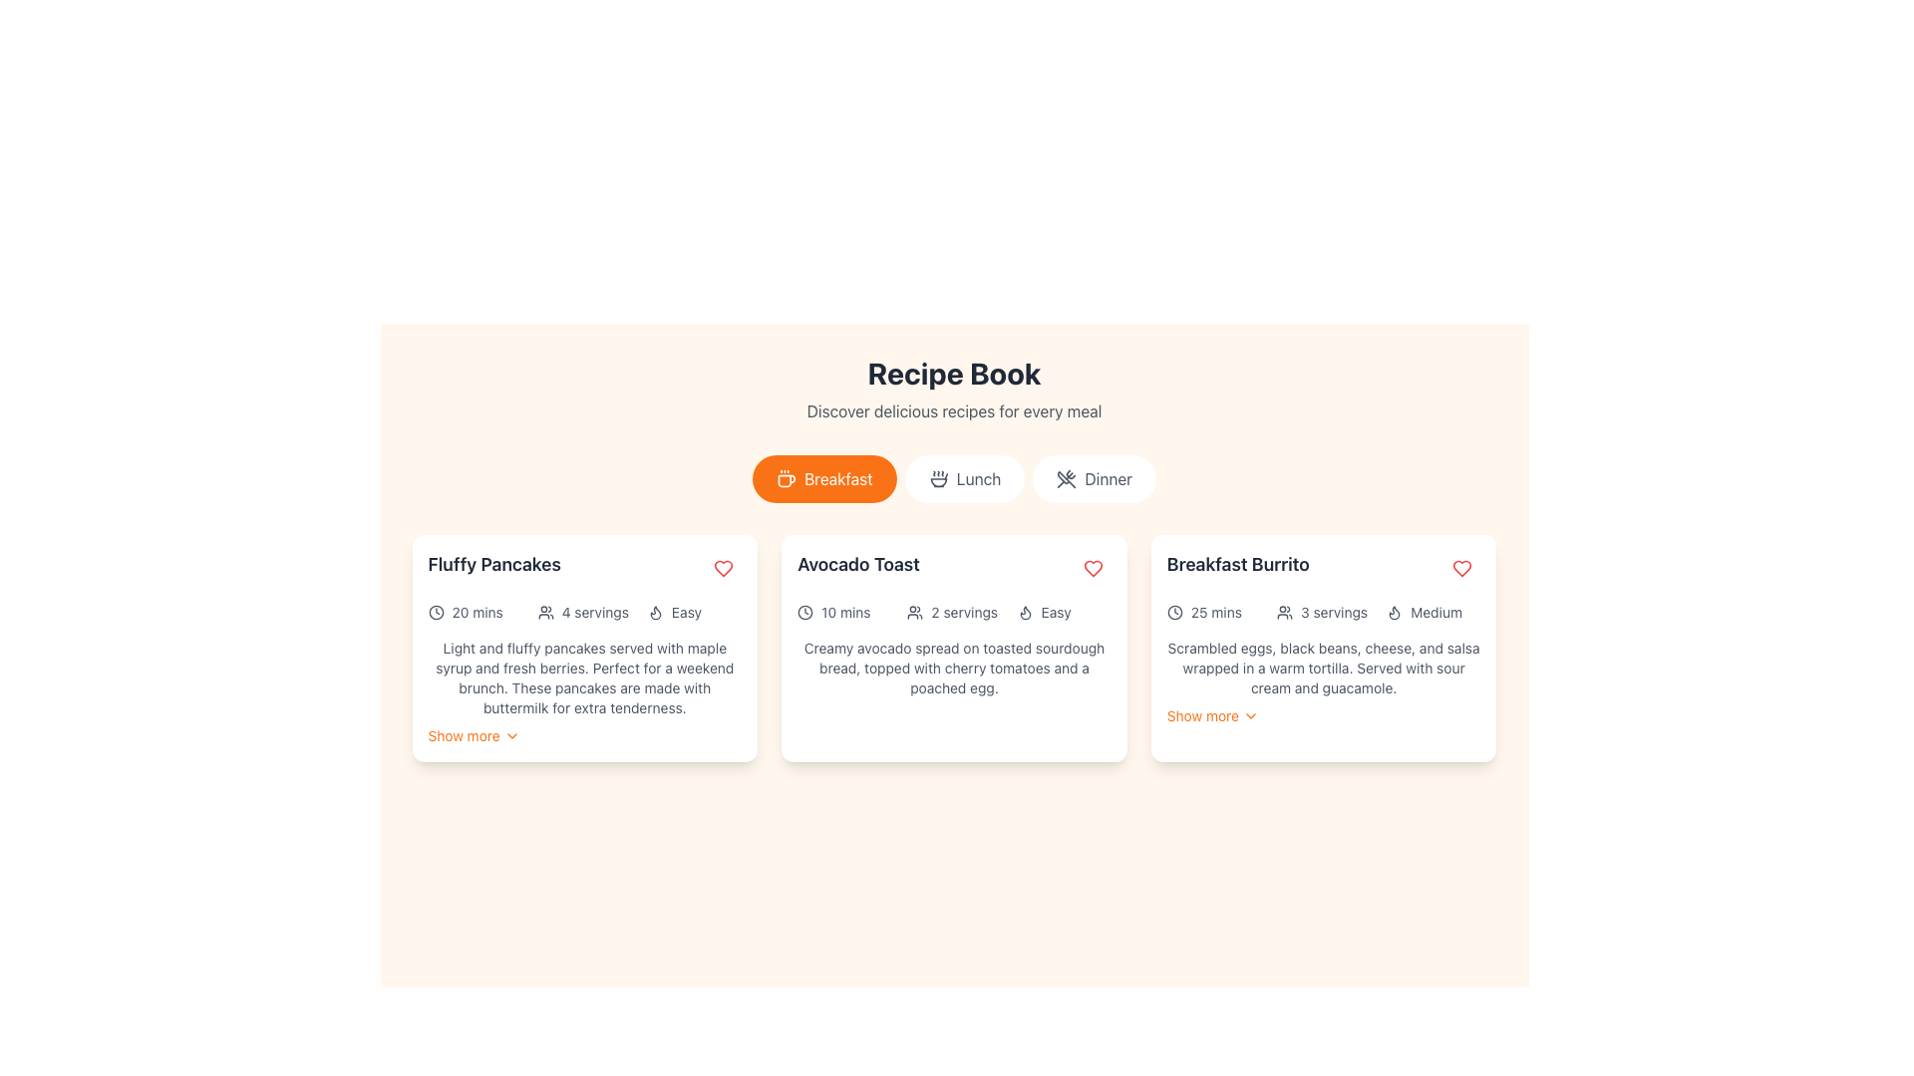 The height and width of the screenshot is (1076, 1914). I want to click on the small icon resembling a group of two user silhouettes, which is located to the left of the text '2 servings' in the card for 'Avocado Toast', so click(914, 611).